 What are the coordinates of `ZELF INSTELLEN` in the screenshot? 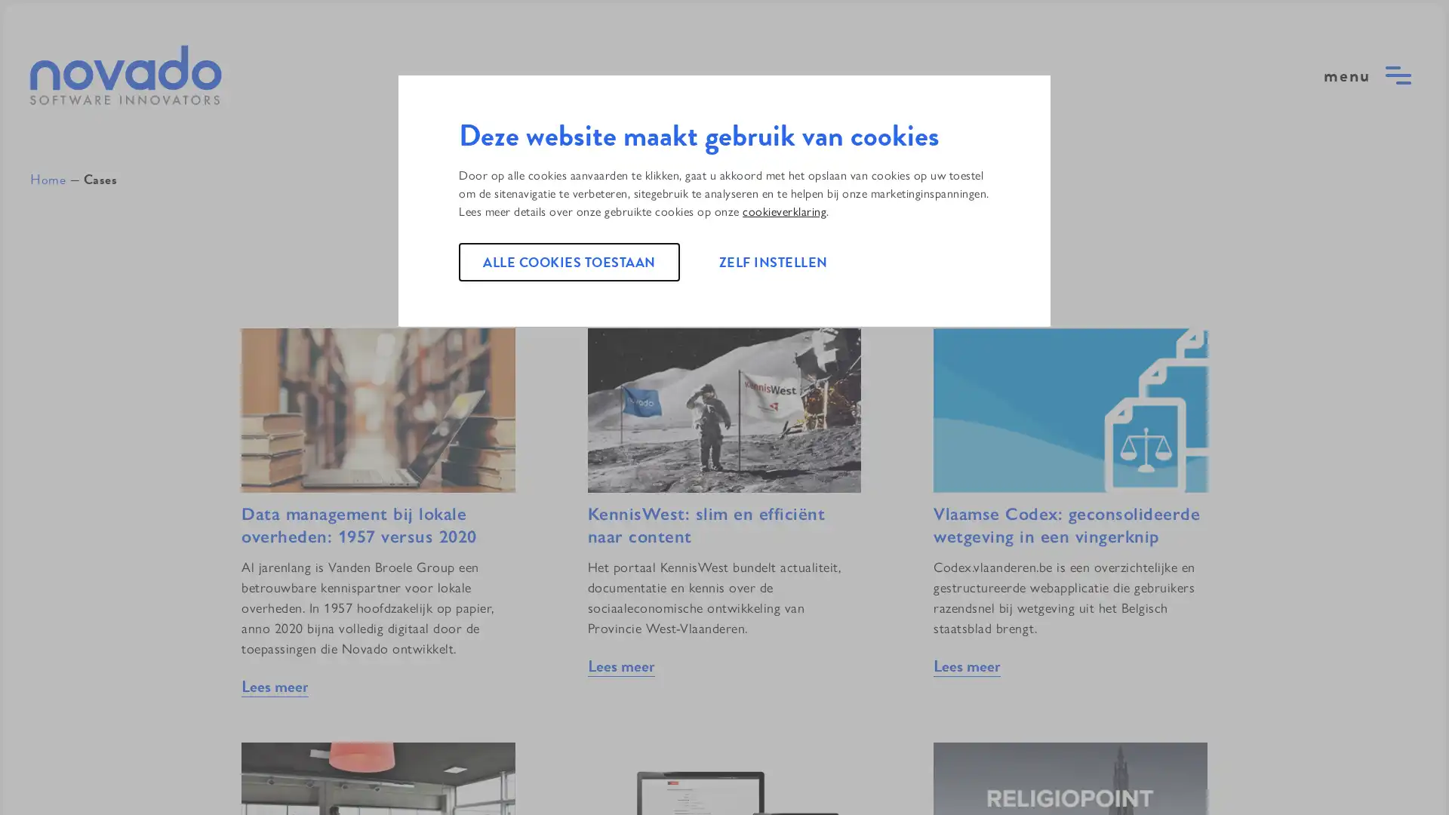 It's located at (772, 261).